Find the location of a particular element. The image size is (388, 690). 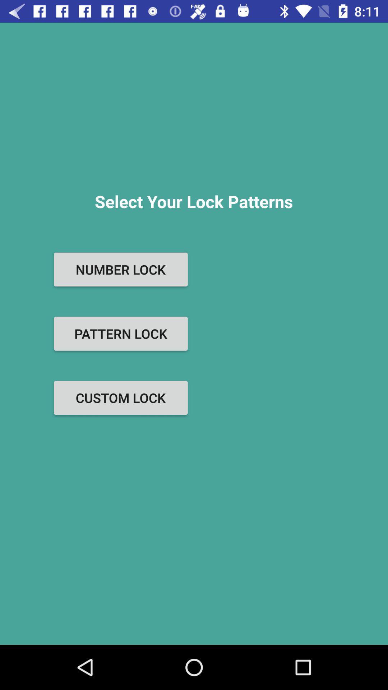

custom lock is located at coordinates (120, 397).